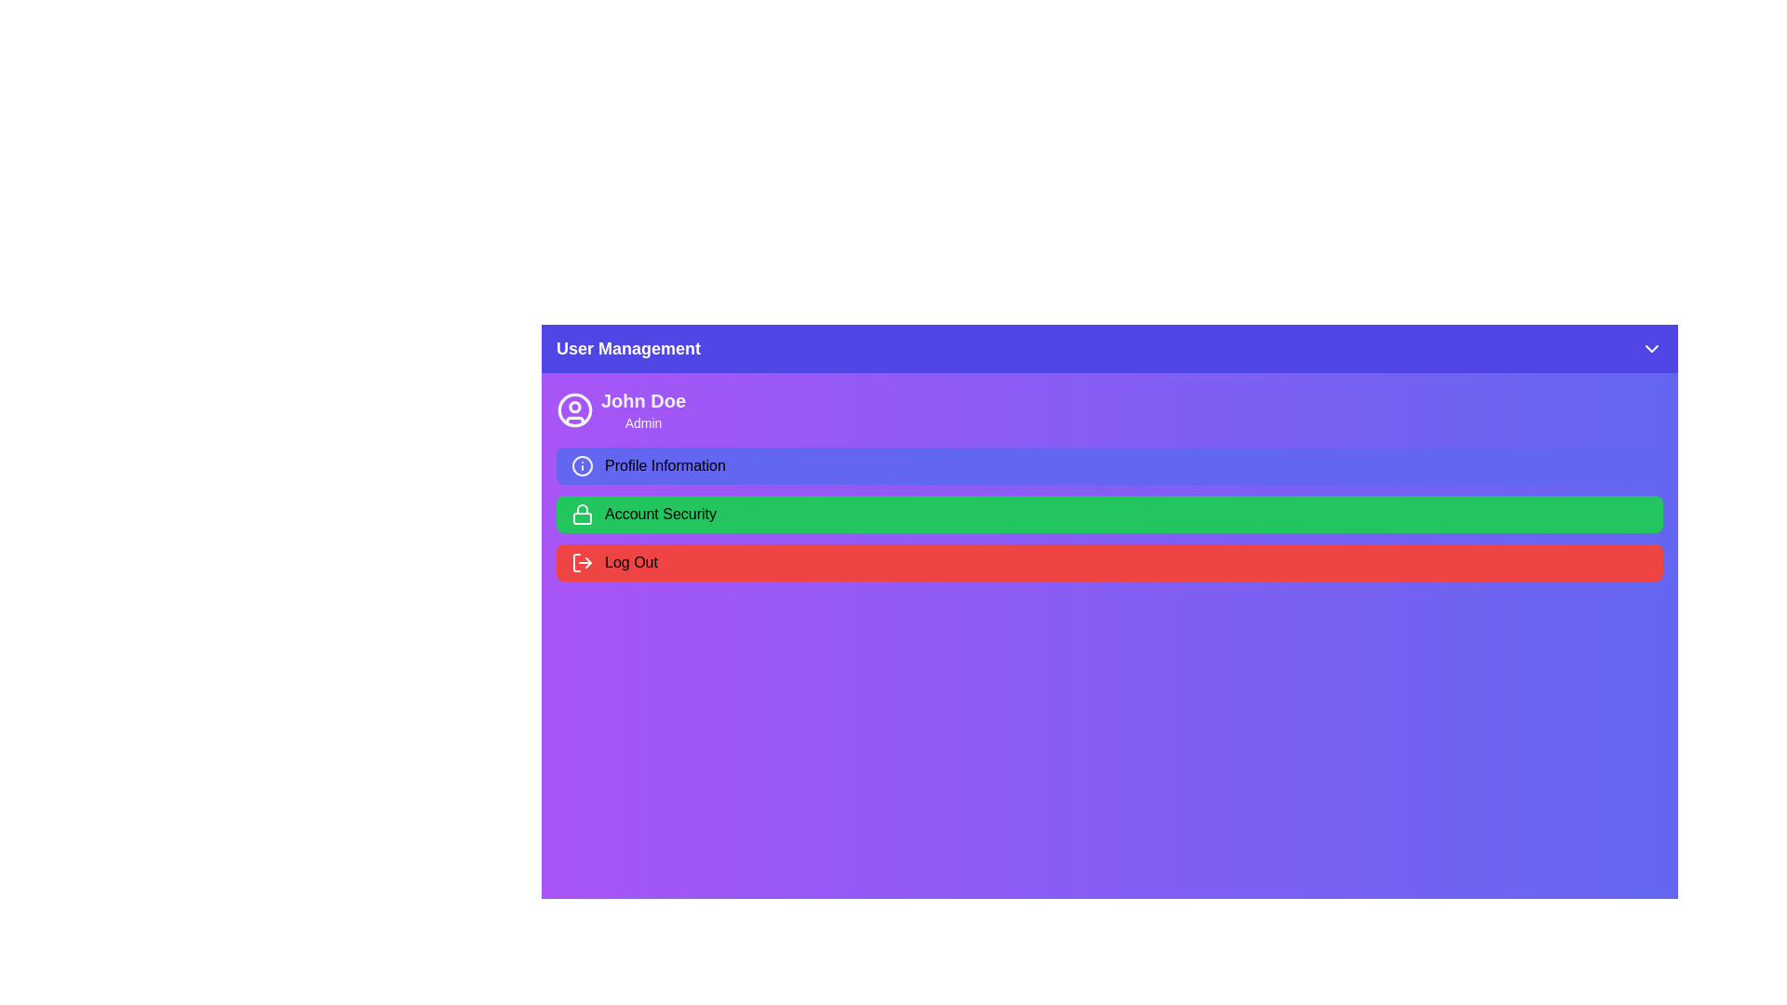  What do you see at coordinates (1109, 562) in the screenshot?
I see `the 'Log Out' button to sign out` at bounding box center [1109, 562].